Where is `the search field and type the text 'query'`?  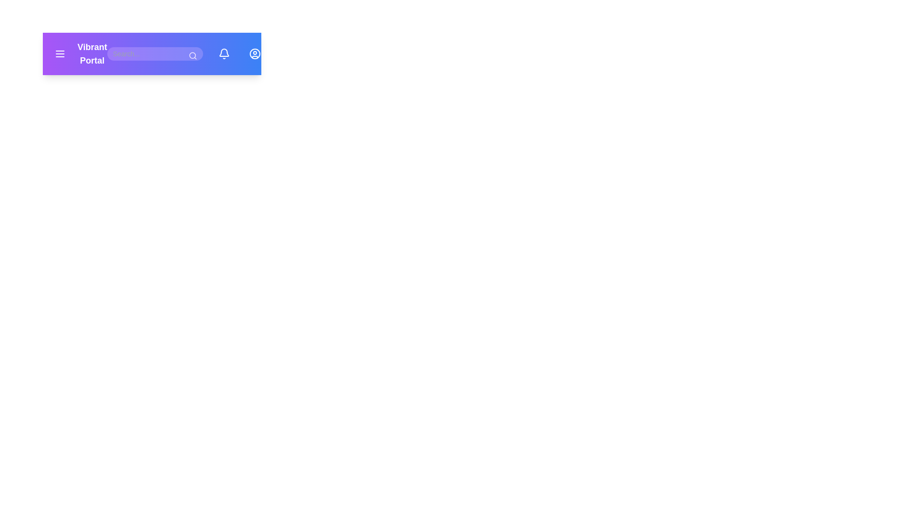 the search field and type the text 'query' is located at coordinates (154, 53).